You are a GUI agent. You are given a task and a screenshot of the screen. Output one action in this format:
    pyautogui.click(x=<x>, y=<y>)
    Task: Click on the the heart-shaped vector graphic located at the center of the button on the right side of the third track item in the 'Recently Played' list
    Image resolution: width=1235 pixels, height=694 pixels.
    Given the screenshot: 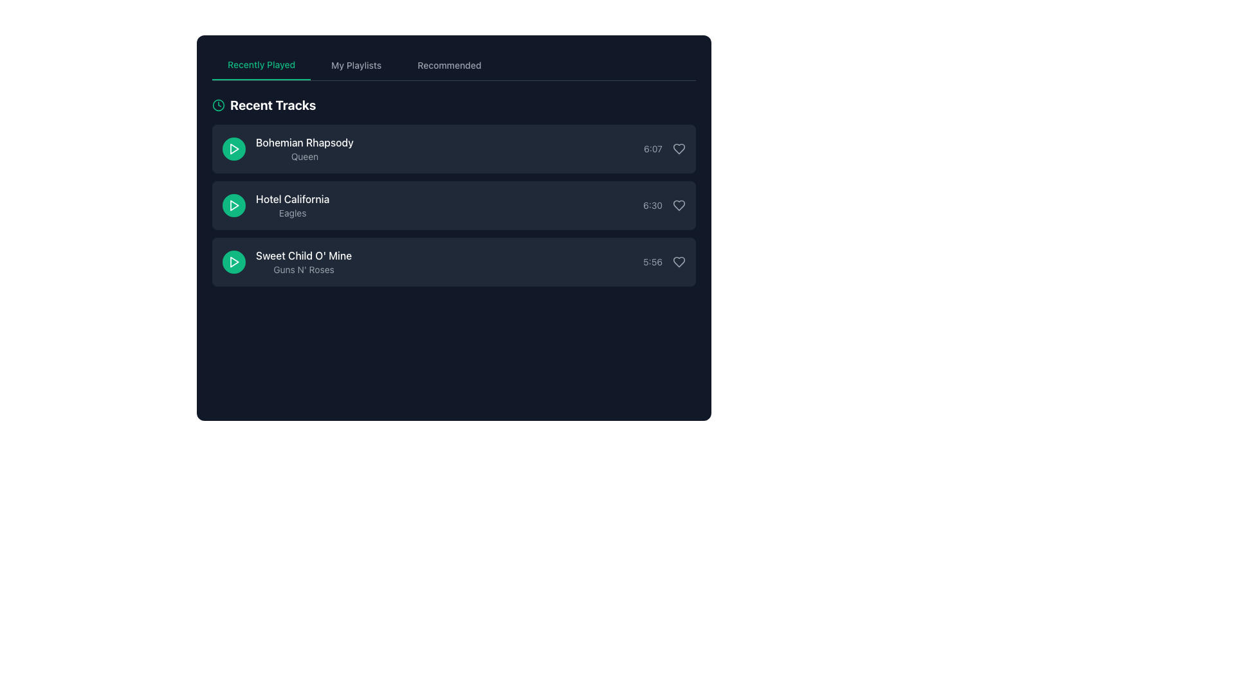 What is the action you would take?
    pyautogui.click(x=679, y=262)
    